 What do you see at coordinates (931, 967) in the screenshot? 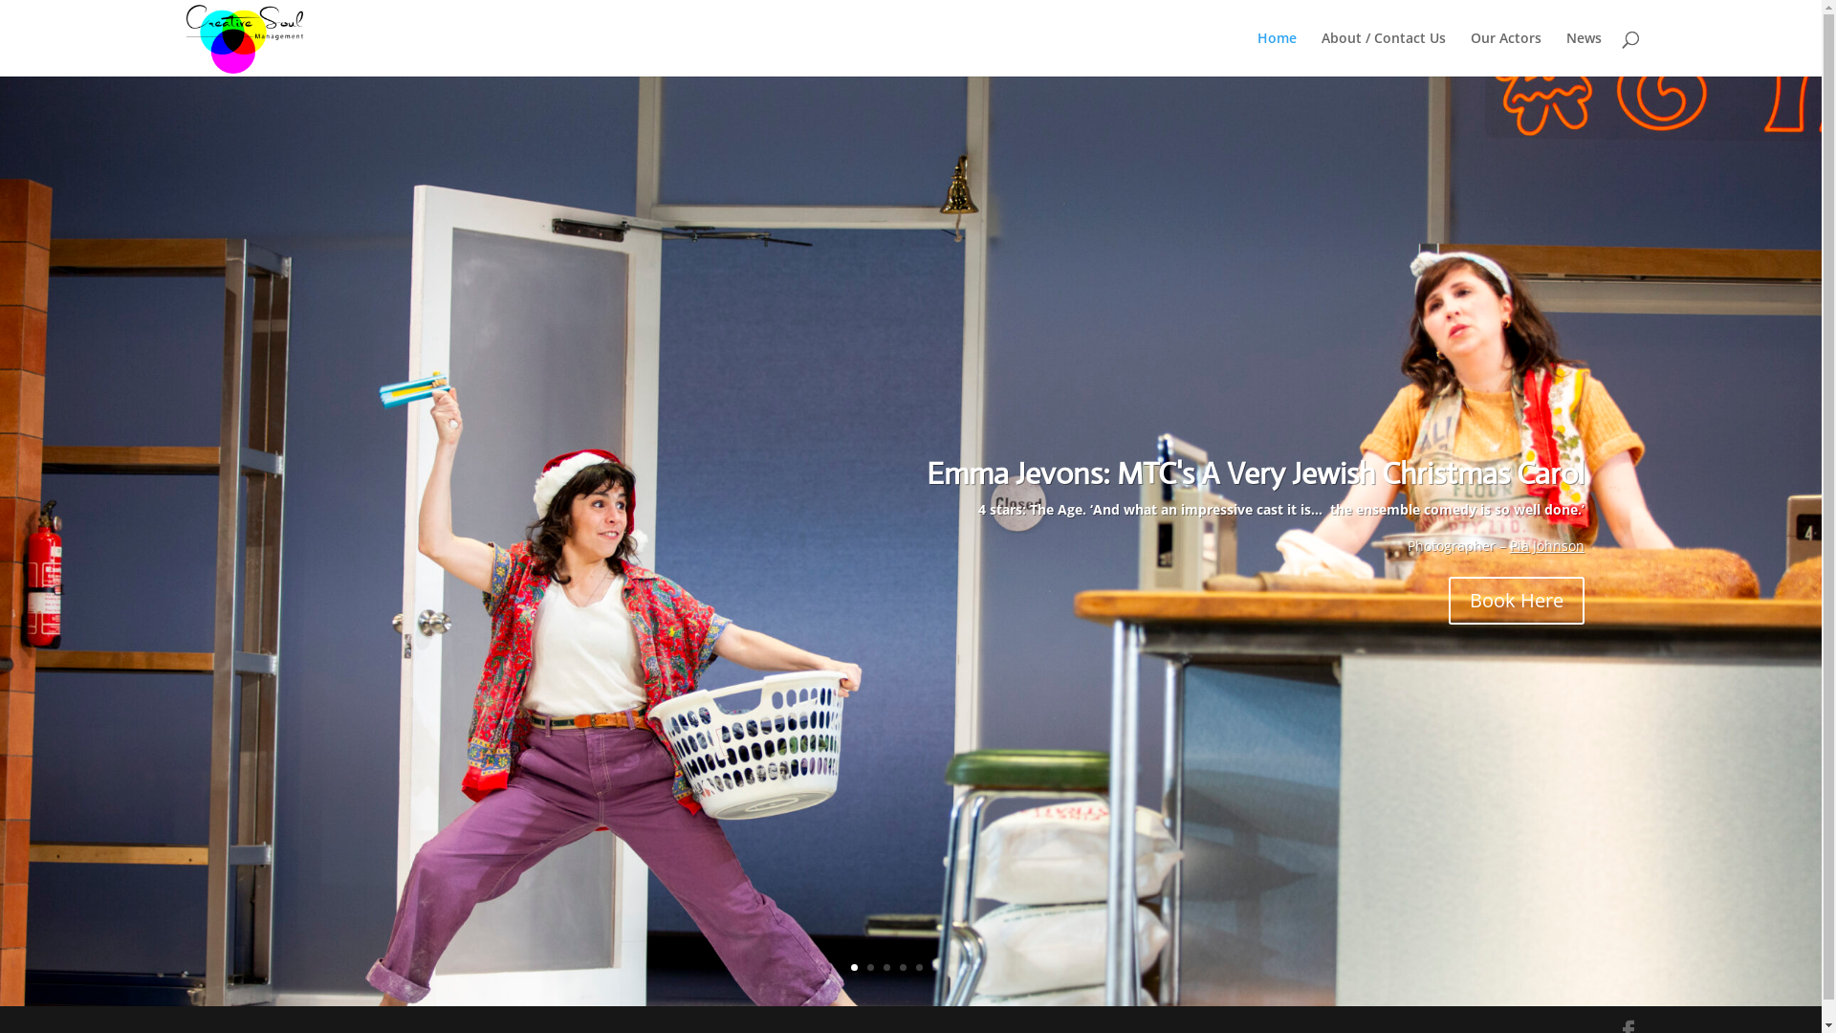
I see `'6'` at bounding box center [931, 967].